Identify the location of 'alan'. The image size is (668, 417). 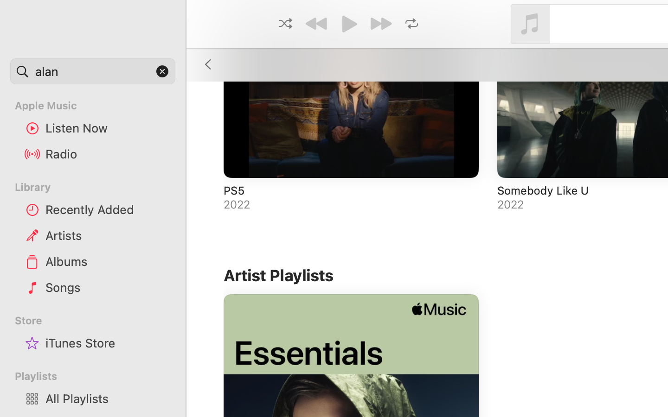
(93, 71).